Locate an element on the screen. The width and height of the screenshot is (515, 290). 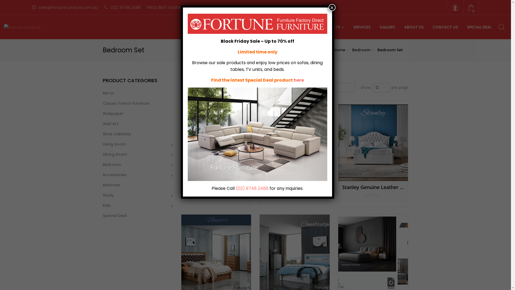
'(02) 9748 2488' is located at coordinates (252, 188).